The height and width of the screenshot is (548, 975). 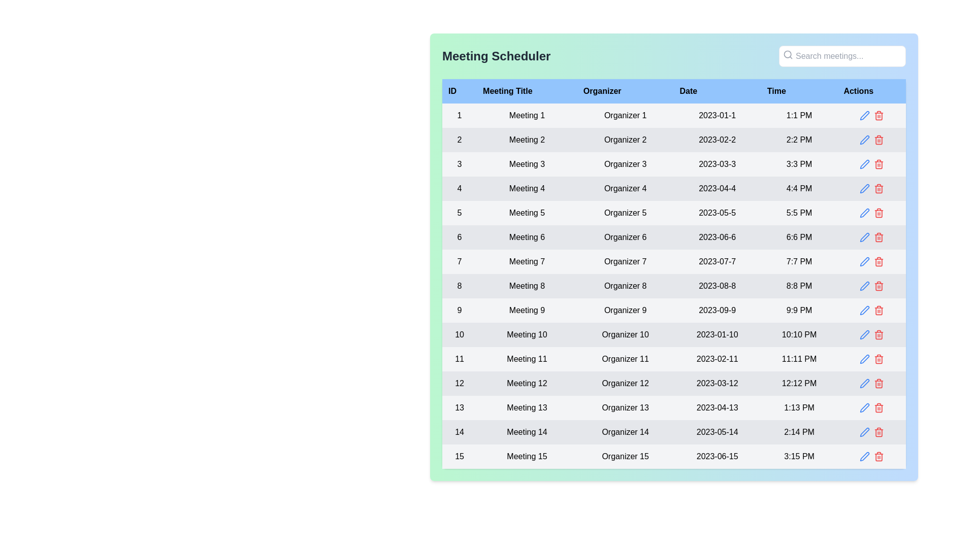 I want to click on the text label indicating the organizer's name for the meeting in the third column of the second row of the table, adjacent to 'Meeting 2' and '2023-02-2', so click(x=625, y=140).